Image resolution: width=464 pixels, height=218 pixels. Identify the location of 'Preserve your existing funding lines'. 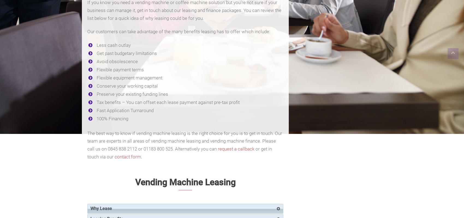
(132, 94).